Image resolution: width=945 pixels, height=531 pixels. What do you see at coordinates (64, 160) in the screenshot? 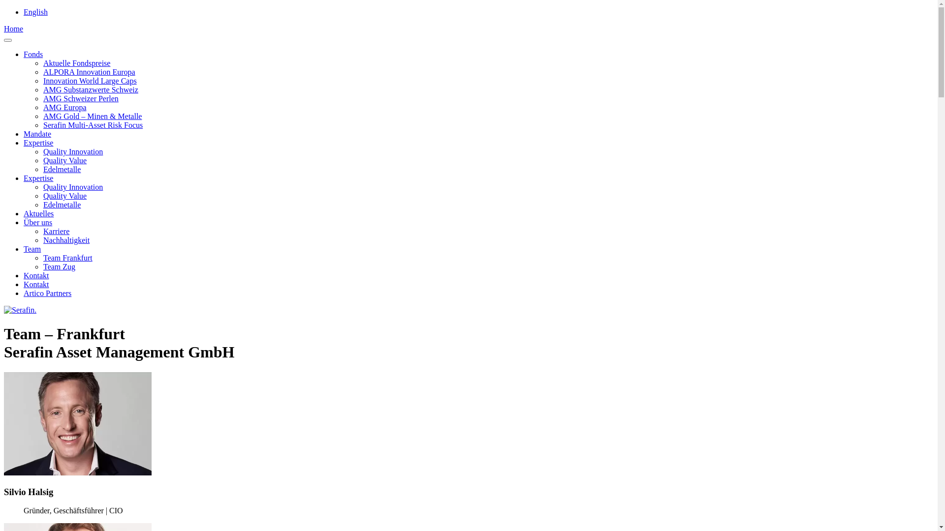
I see `'Quality Value'` at bounding box center [64, 160].